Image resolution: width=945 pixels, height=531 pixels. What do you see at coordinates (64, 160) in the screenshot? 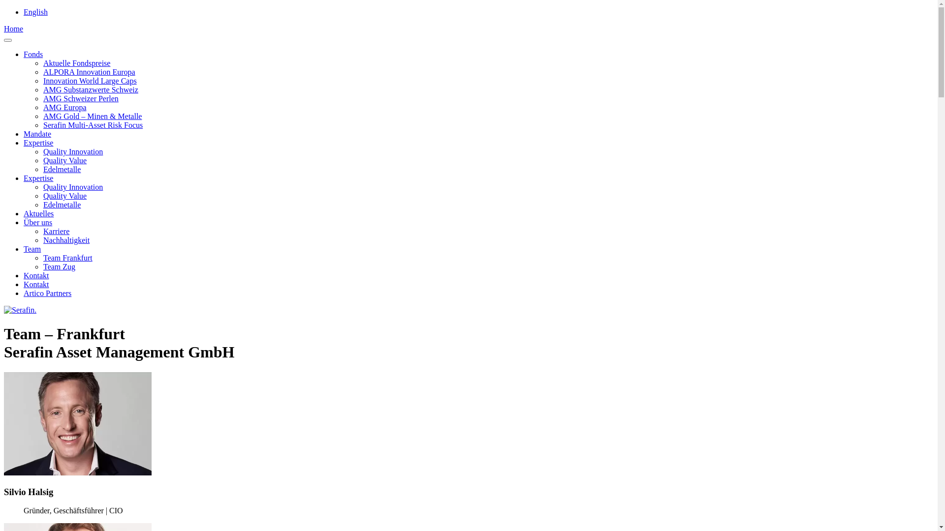
I see `'Quality Value'` at bounding box center [64, 160].